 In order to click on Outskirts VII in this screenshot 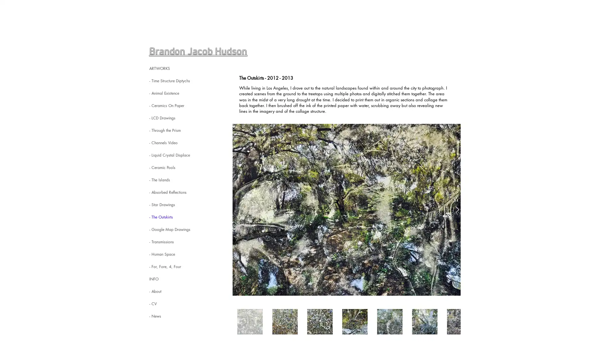, I will do `click(346, 209)`.